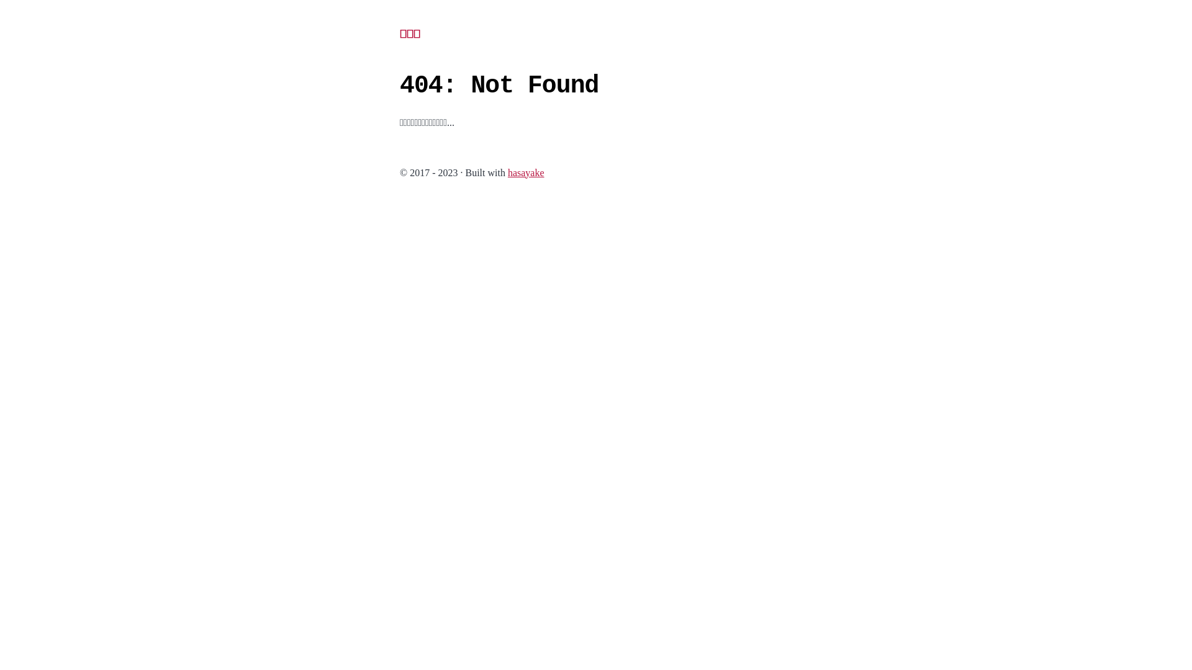  I want to click on 'hasayake', so click(526, 172).